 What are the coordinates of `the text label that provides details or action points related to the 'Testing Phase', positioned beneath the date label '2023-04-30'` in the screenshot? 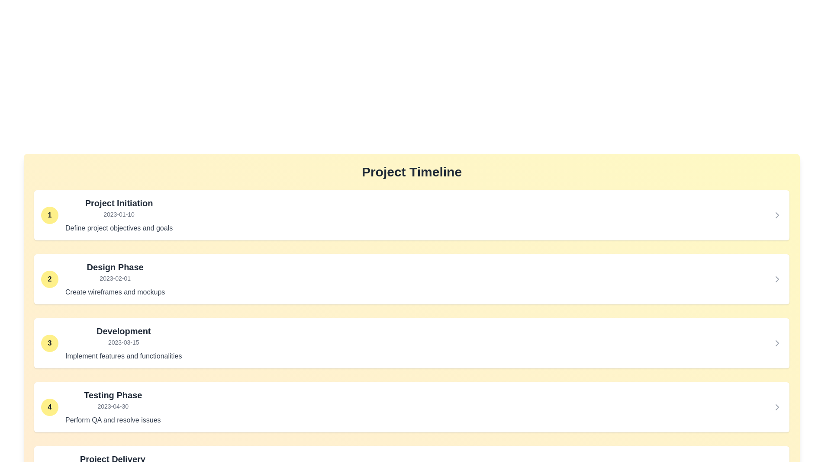 It's located at (113, 420).